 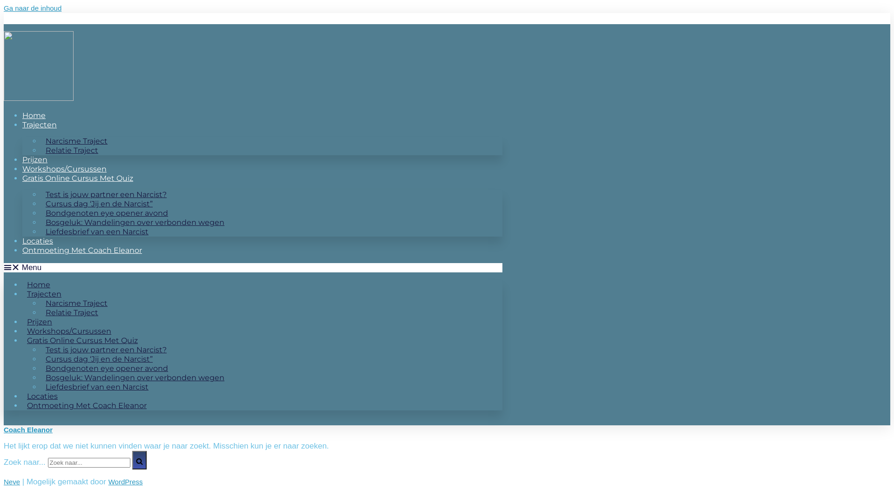 I want to click on 'Locaties', so click(x=37, y=240).